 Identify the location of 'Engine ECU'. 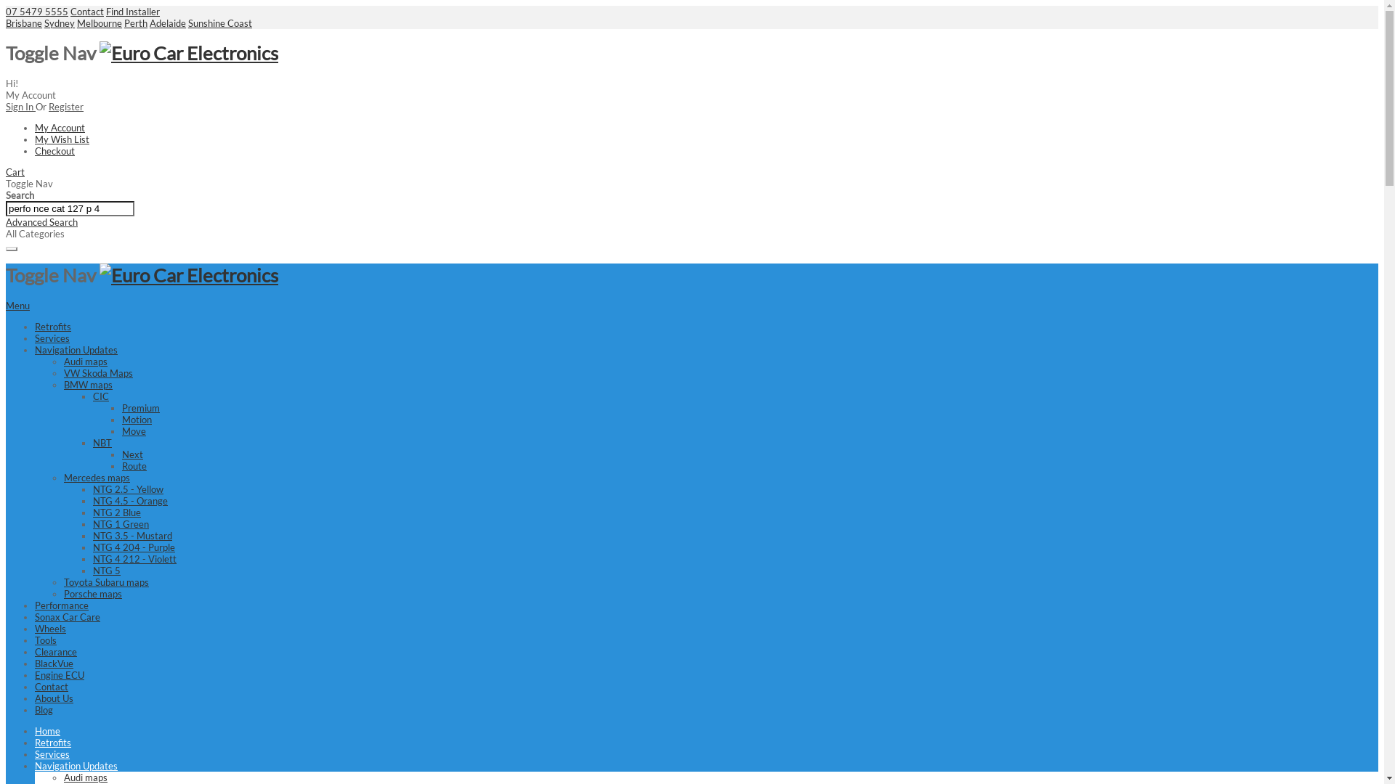
(58, 674).